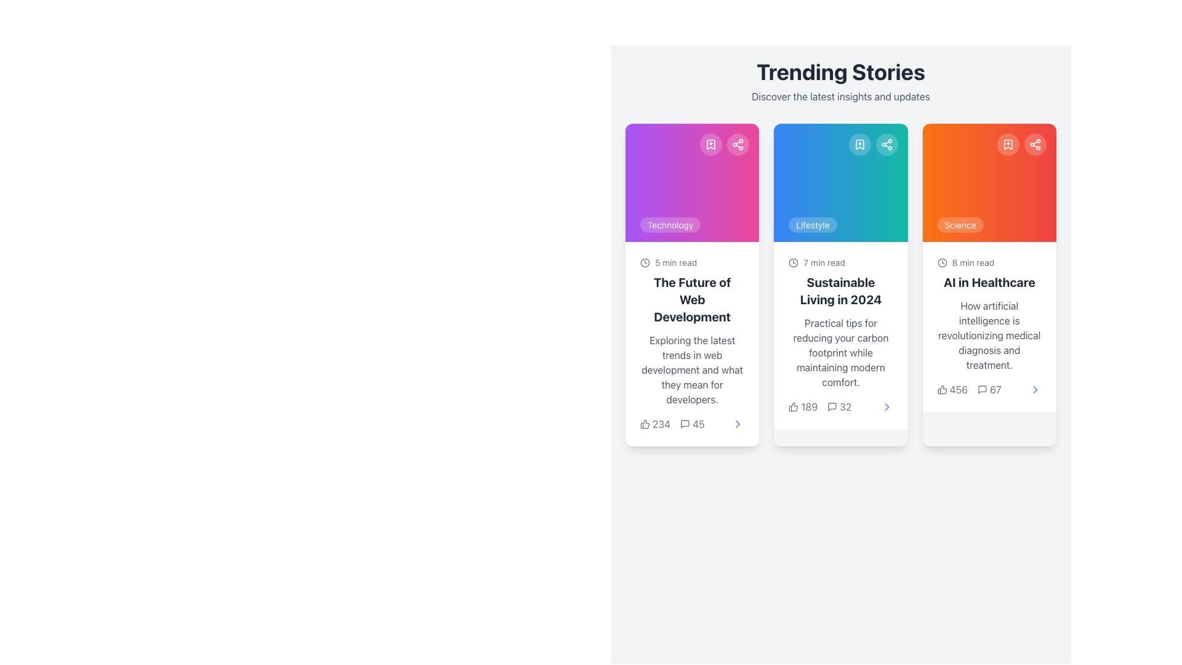 The height and width of the screenshot is (665, 1182). I want to click on the 'like' icon located beneath the textual content of the leftmost card, positioned to the left of the '234' likes text in a three-card layout, so click(644, 424).